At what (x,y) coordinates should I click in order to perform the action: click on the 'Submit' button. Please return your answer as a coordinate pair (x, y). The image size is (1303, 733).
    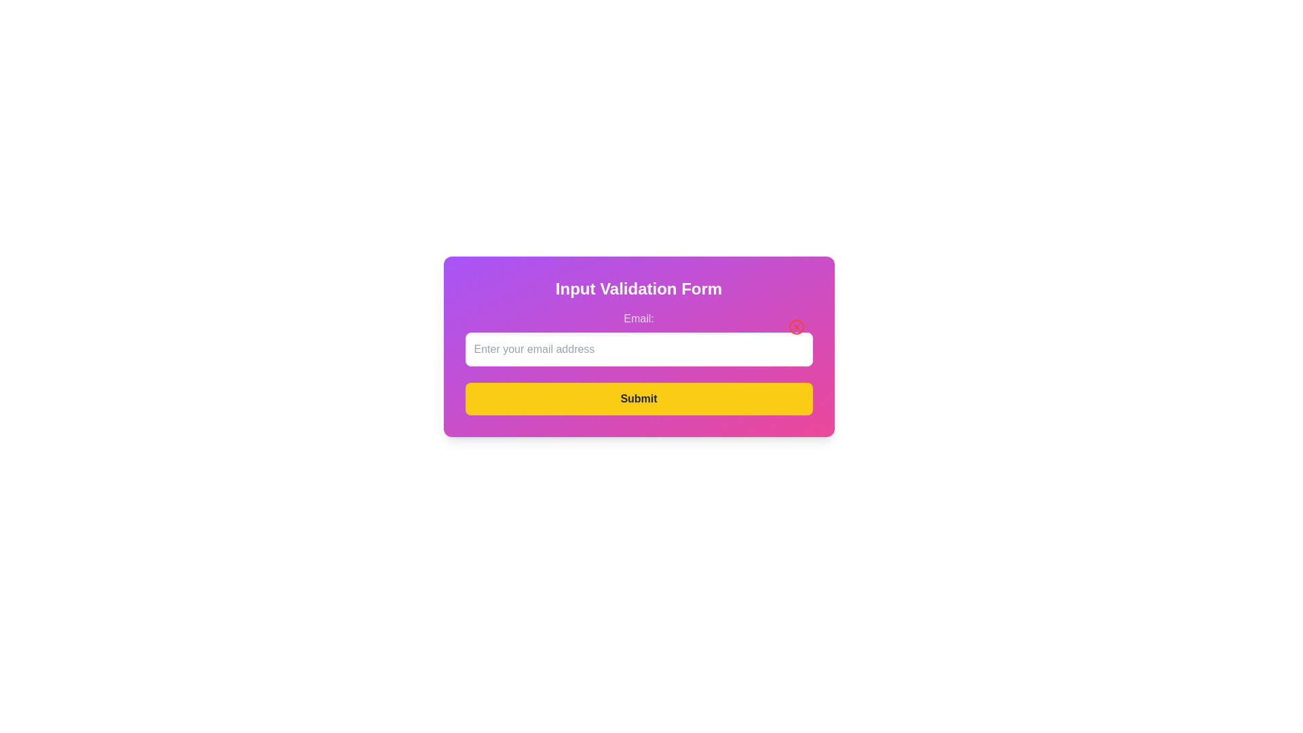
    Looking at the image, I should click on (638, 398).